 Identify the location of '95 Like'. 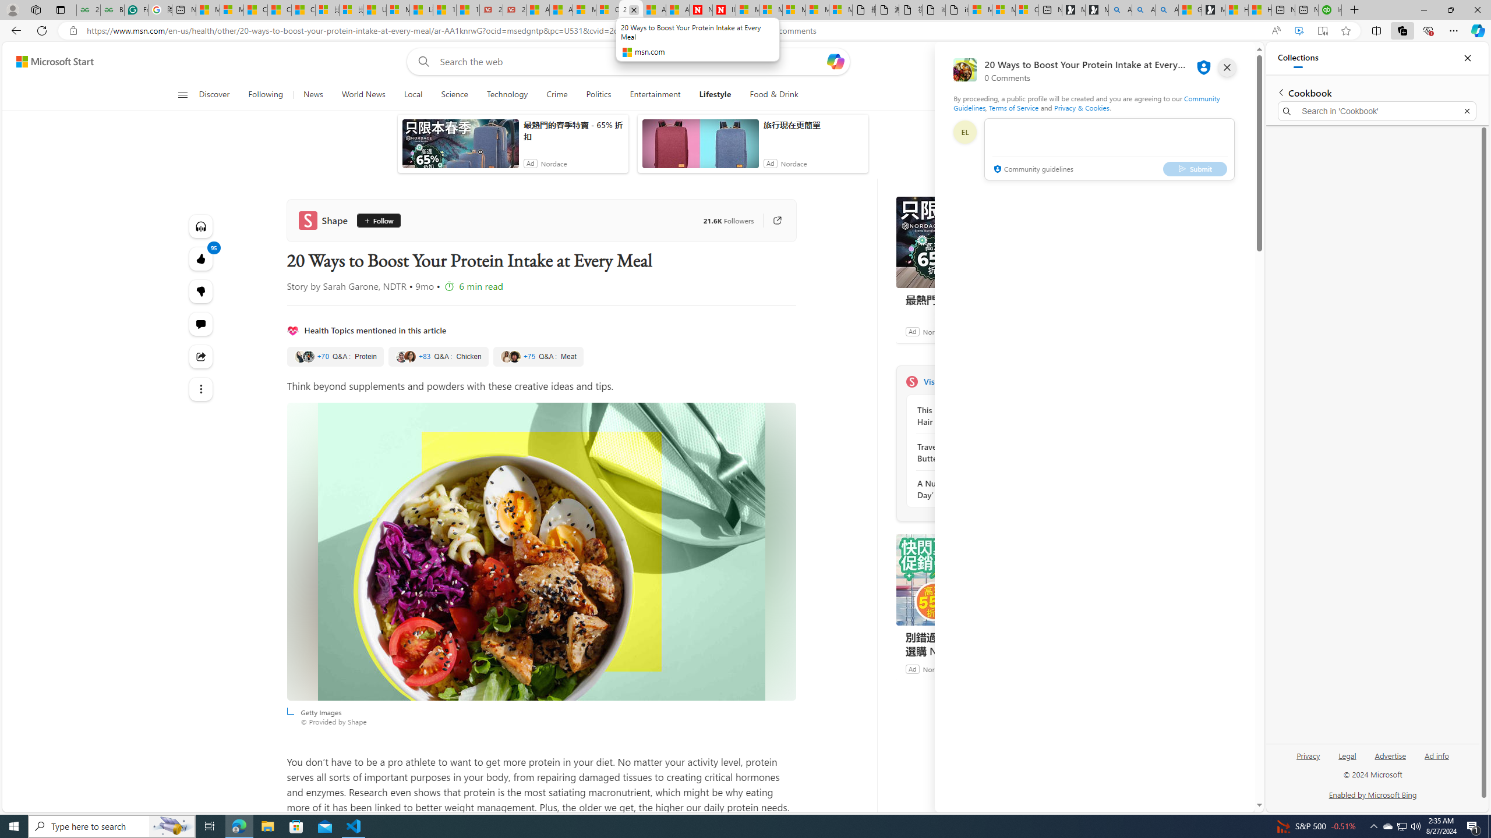
(201, 258).